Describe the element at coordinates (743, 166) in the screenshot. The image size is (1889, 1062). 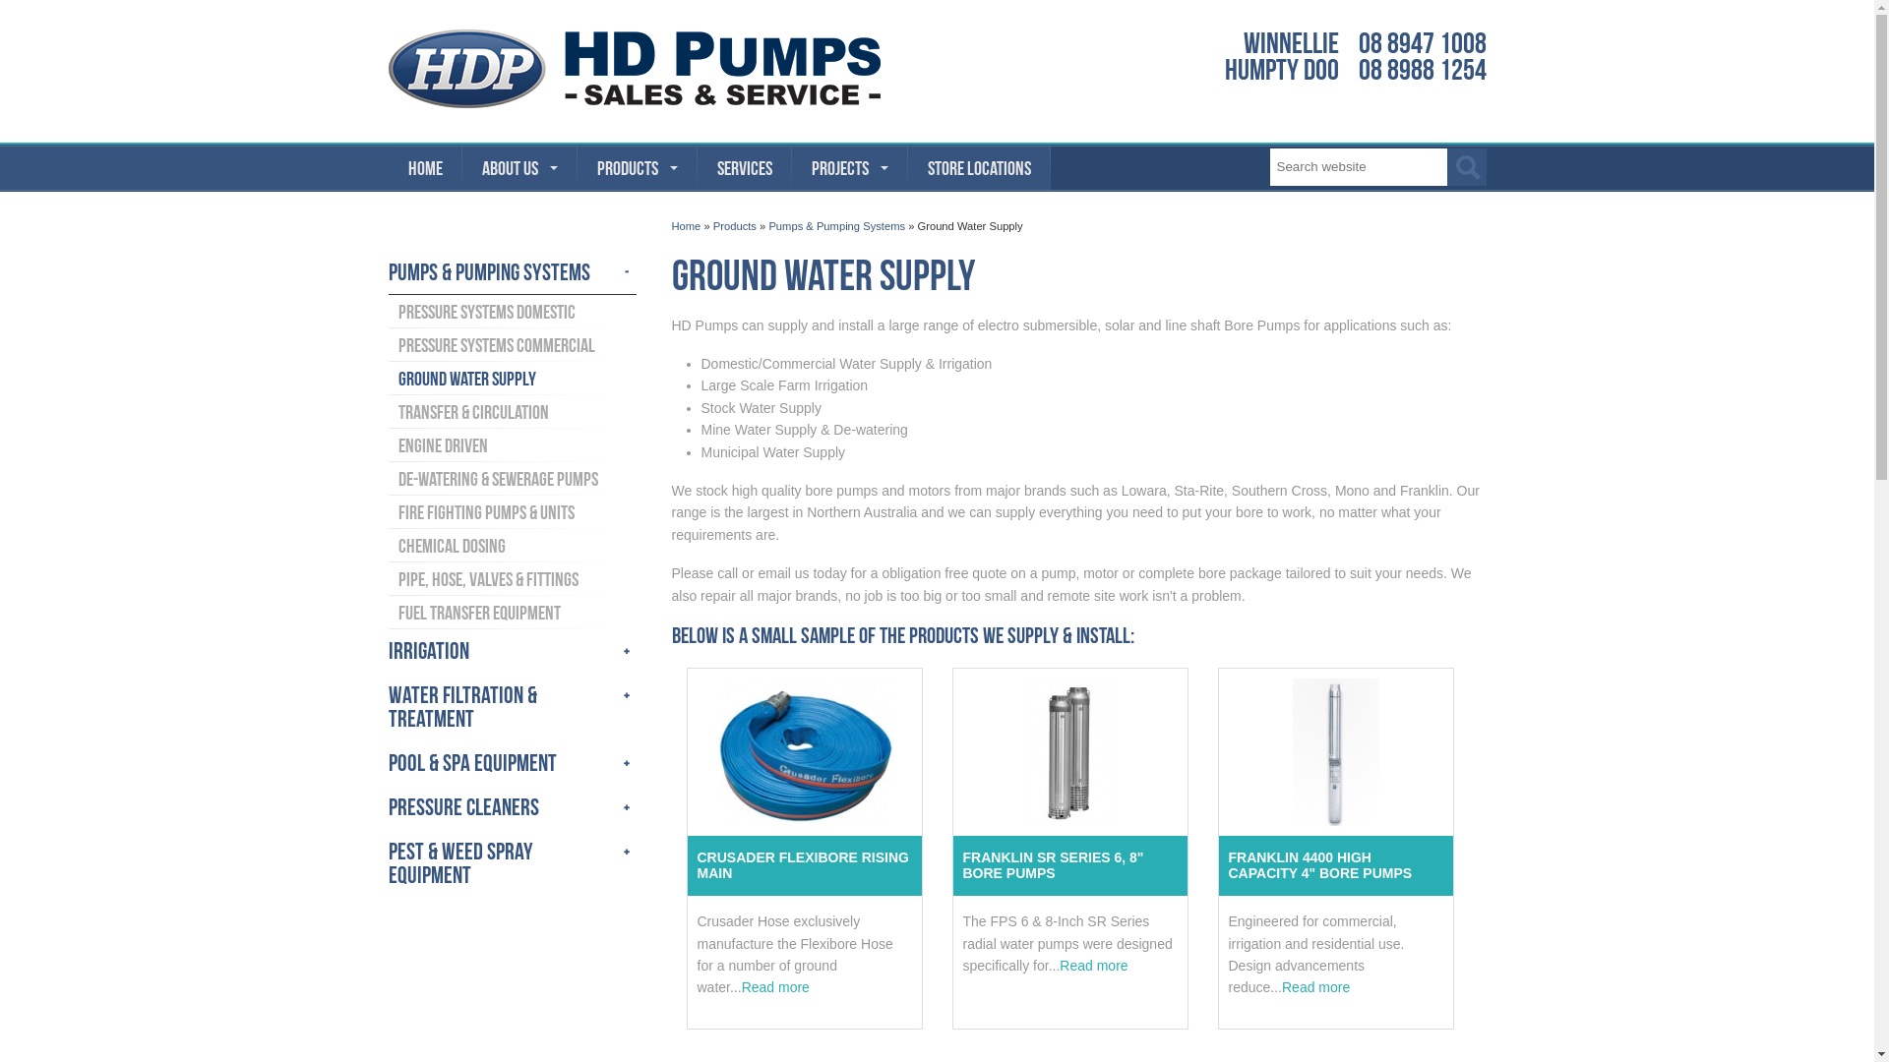
I see `'SERVICES'` at that location.